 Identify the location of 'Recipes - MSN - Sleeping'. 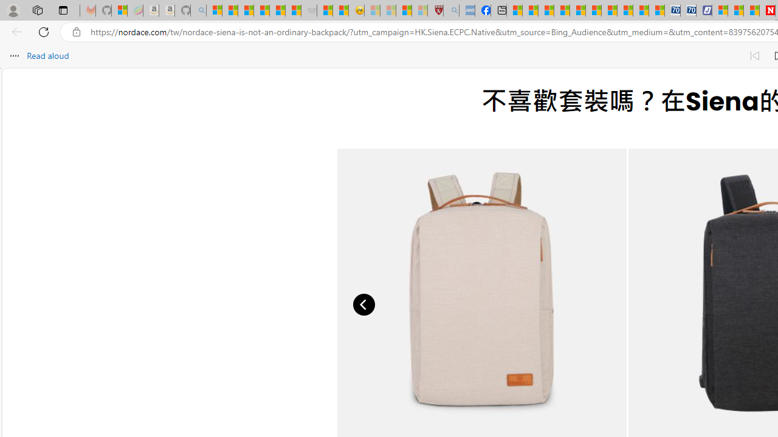
(371, 10).